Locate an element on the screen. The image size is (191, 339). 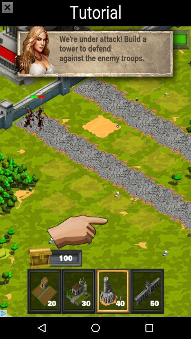
the close icon is located at coordinates (9, 12).